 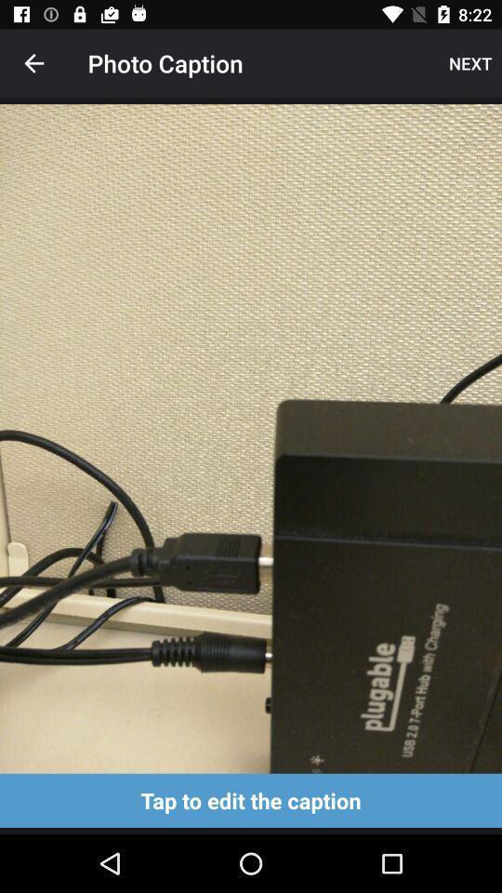 What do you see at coordinates (251, 799) in the screenshot?
I see `edit the caption` at bounding box center [251, 799].